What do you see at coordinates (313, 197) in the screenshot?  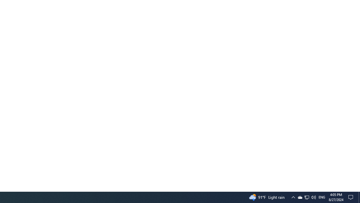 I see `'Q2790: 100%'` at bounding box center [313, 197].